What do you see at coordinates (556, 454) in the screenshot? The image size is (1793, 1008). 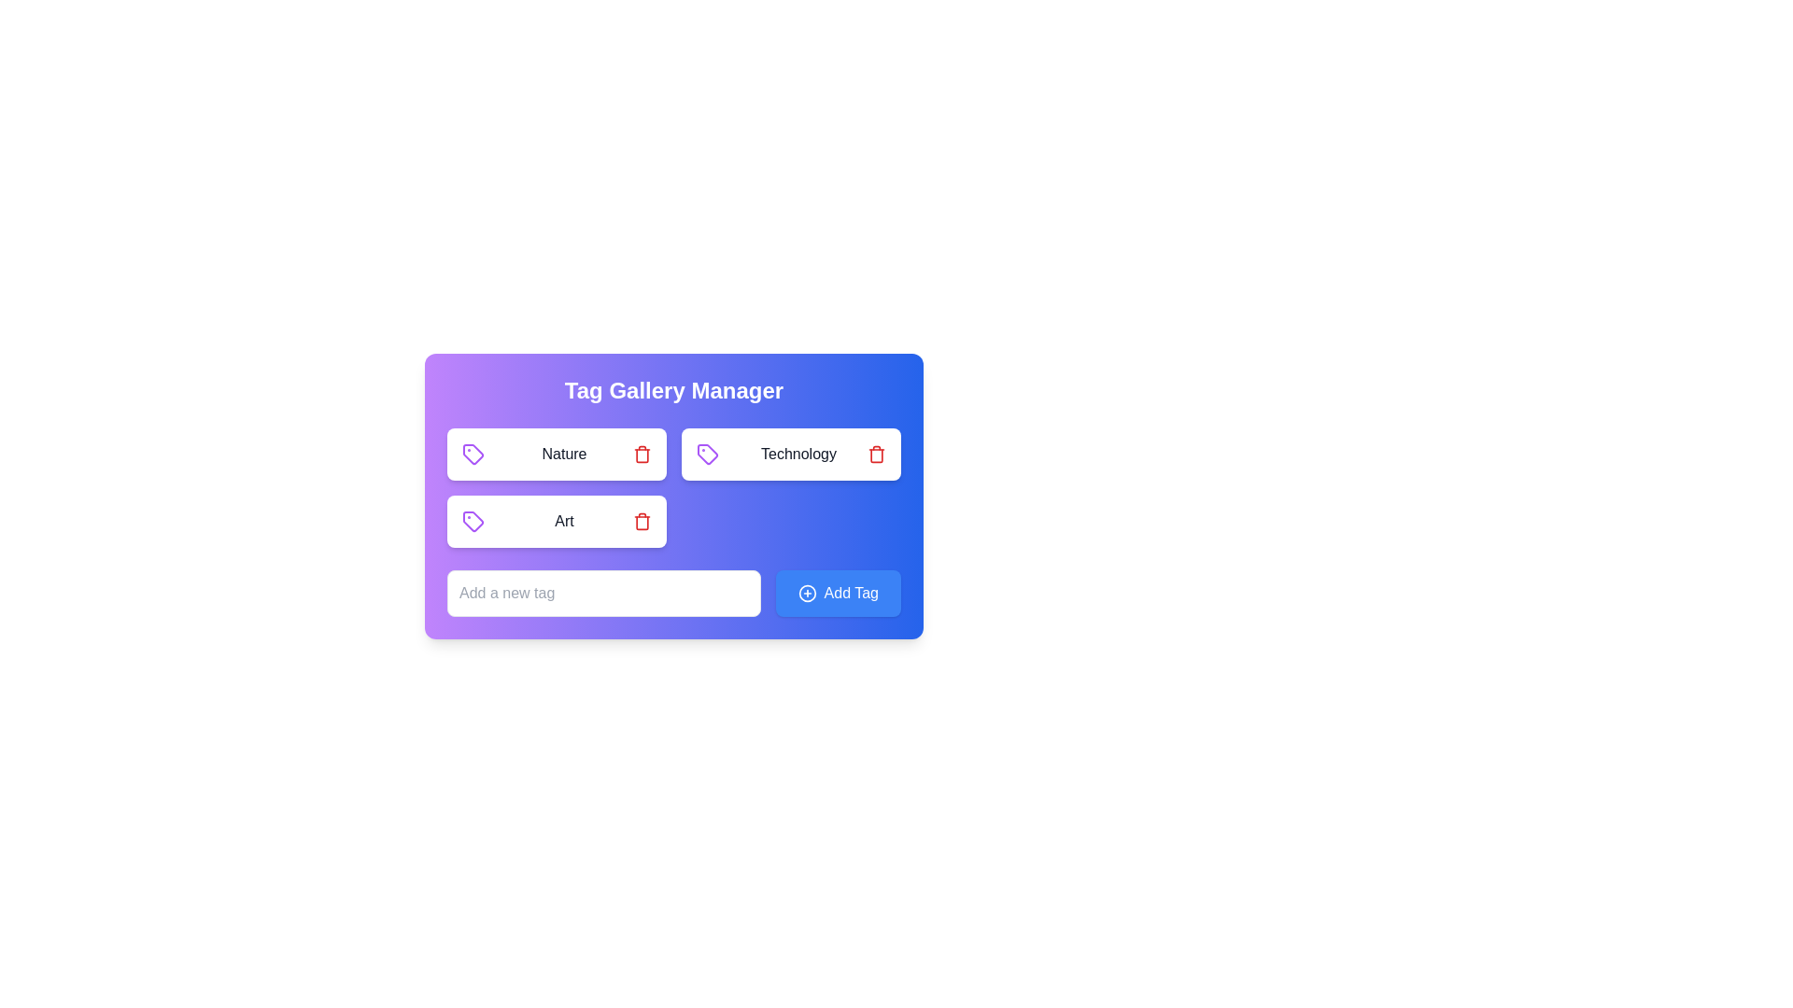 I see `the Card component labeled 'Nature' which features a purple tag icon on the left and is positioned in the top-left corner of the grid layout` at bounding box center [556, 454].